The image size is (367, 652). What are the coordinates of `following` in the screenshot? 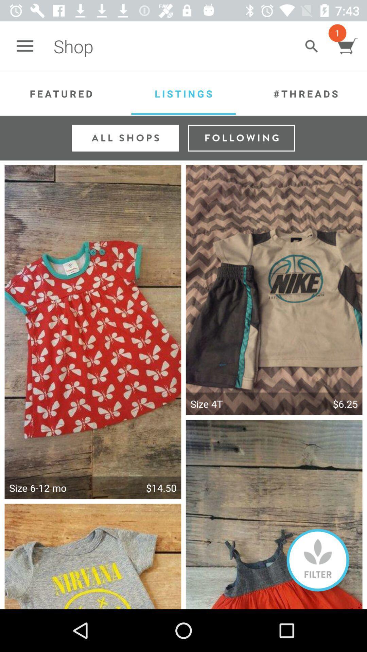 It's located at (241, 138).